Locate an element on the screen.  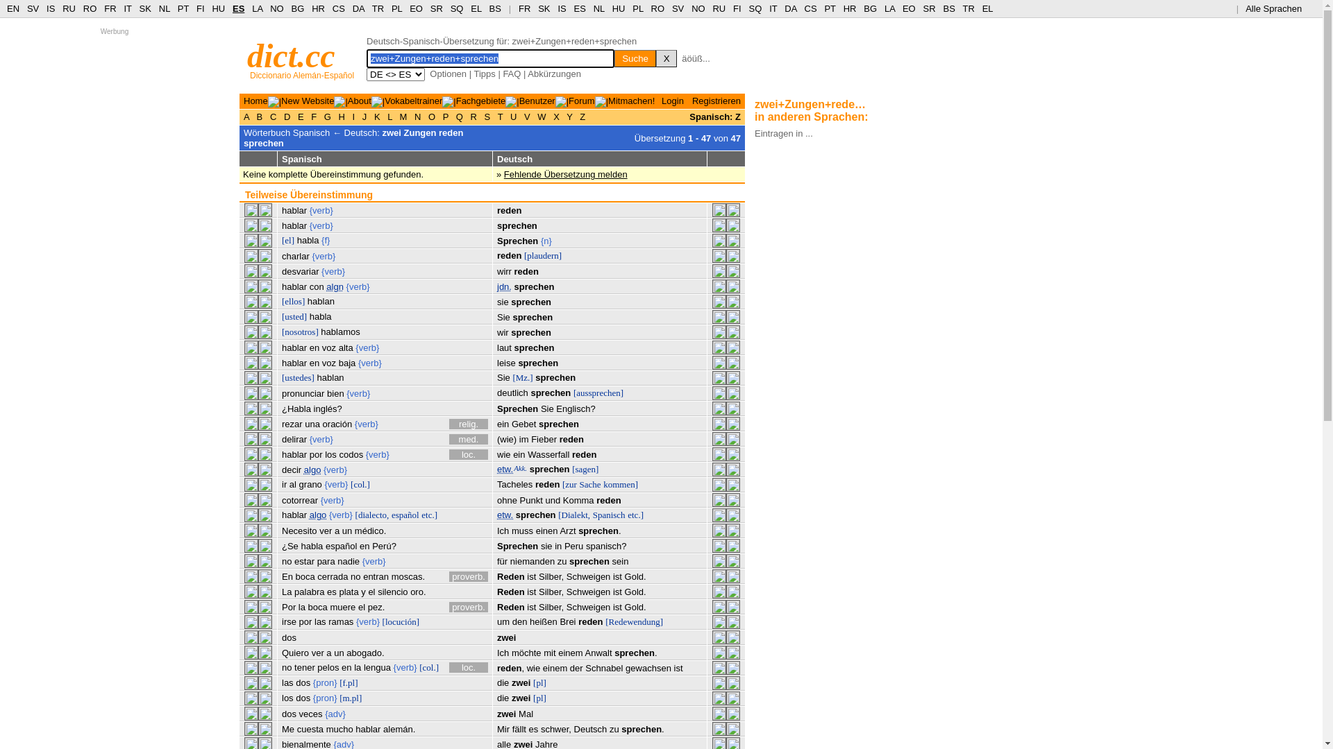
'SV' is located at coordinates (678, 8).